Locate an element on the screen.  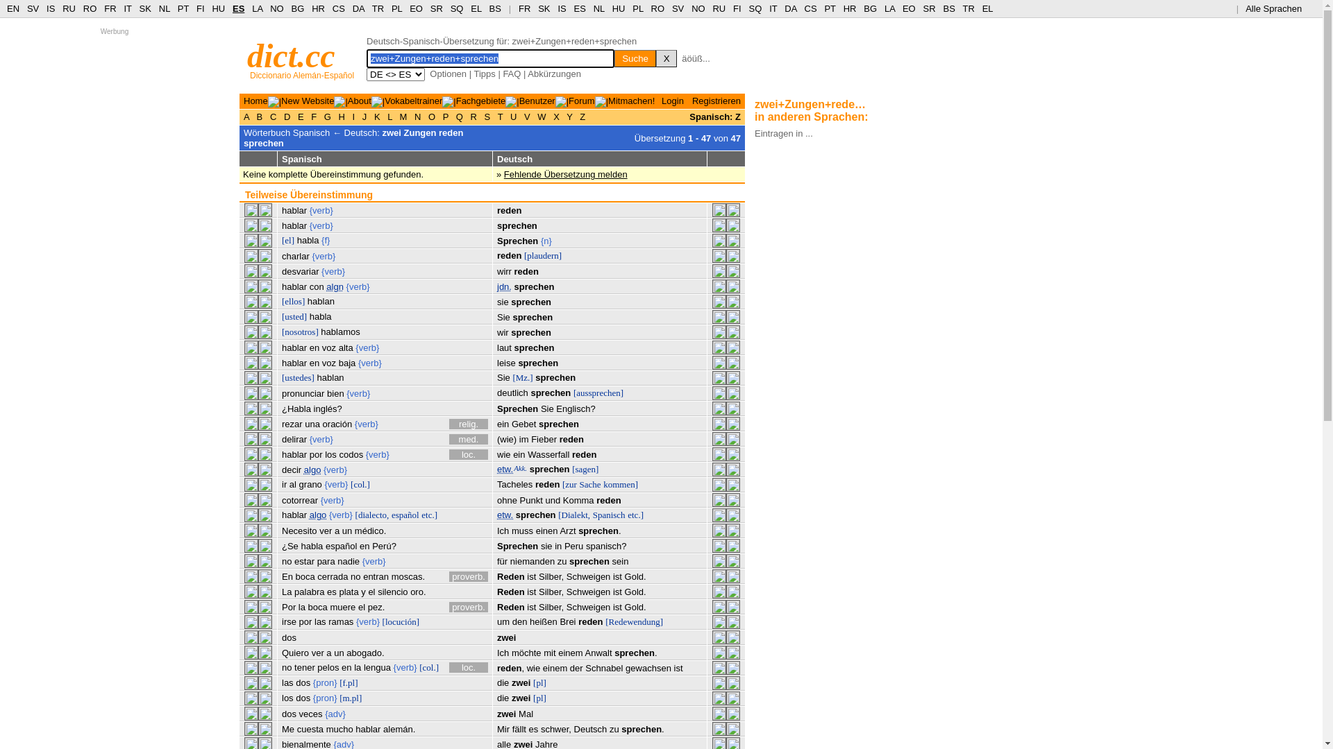
'SV' is located at coordinates (678, 8).